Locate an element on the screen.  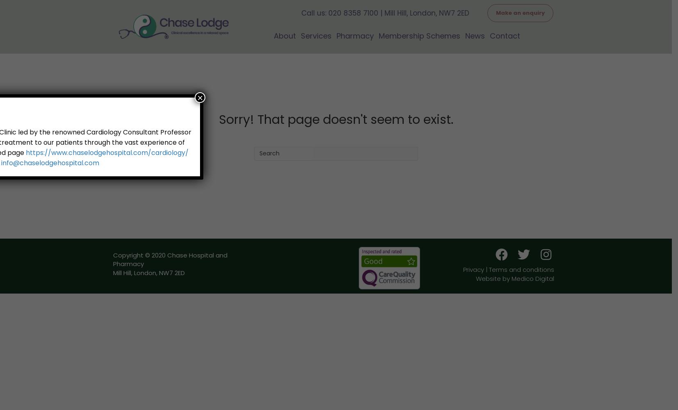
'info@chaselodgehospital.com' is located at coordinates (49, 163).